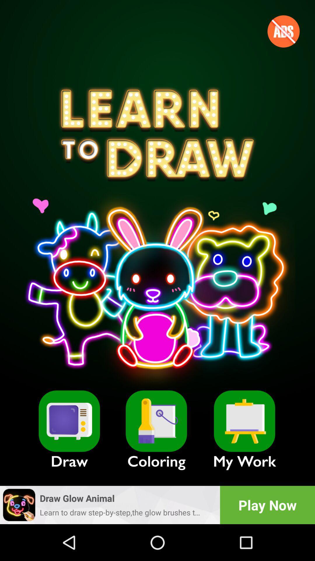 The image size is (315, 561). Describe the element at coordinates (69, 421) in the screenshot. I see `the chat icon` at that location.